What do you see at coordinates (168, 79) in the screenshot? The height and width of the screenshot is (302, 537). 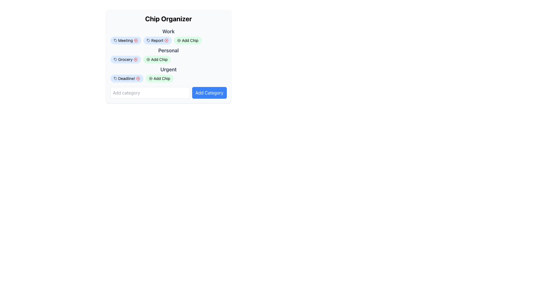 I see `the second Interactive Chip element in the 'Urgent' category, which has a green background and contains the text 'Add Chip'` at bounding box center [168, 79].